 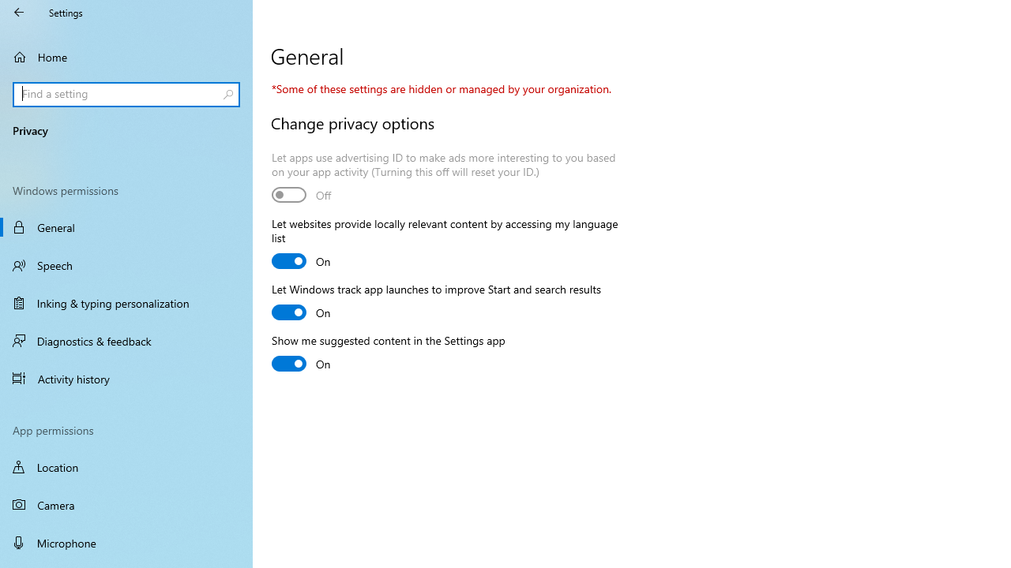 What do you see at coordinates (126, 340) in the screenshot?
I see `'Diagnostics & feedback'` at bounding box center [126, 340].